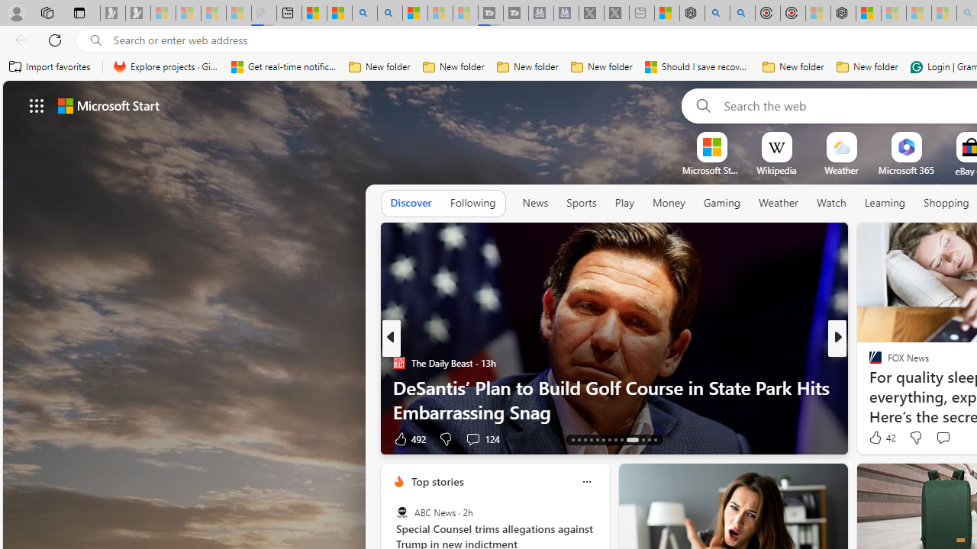 Image resolution: width=977 pixels, height=549 pixels. I want to click on '49 Like', so click(877, 438).